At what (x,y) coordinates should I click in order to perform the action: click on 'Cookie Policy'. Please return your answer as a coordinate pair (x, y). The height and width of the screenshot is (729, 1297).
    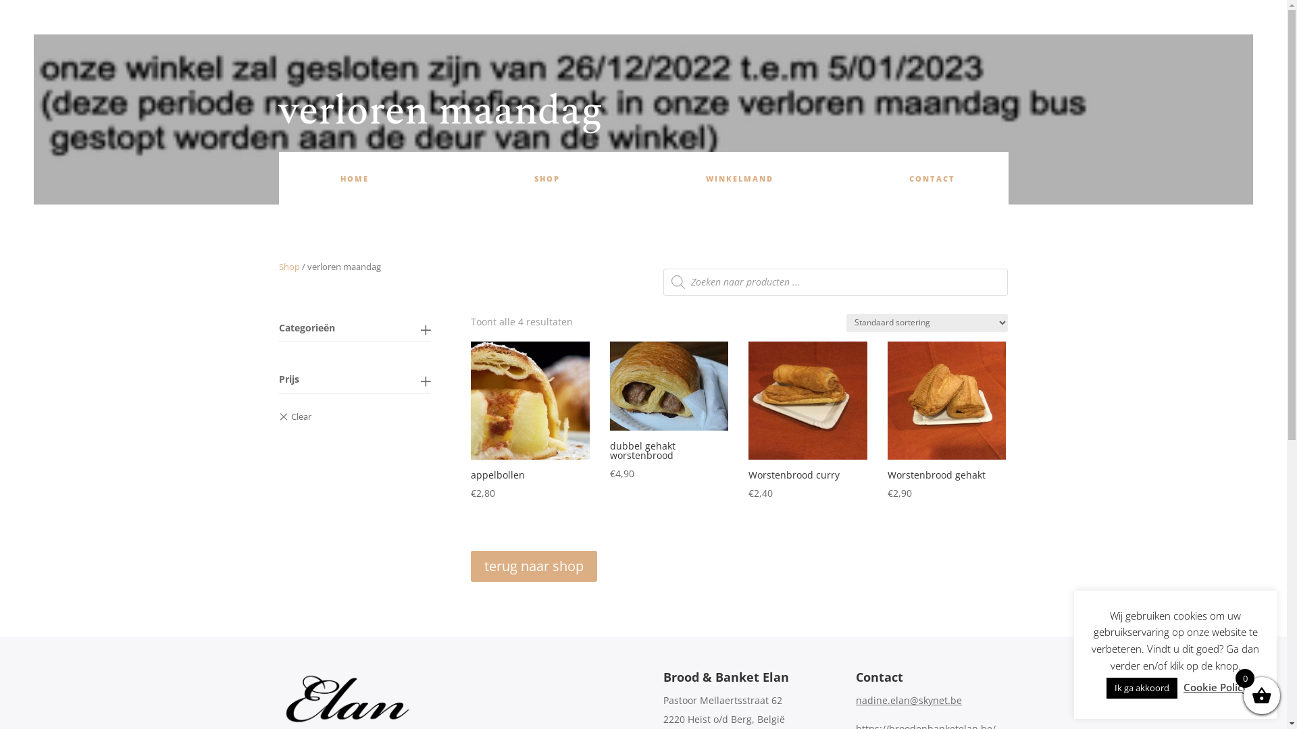
    Looking at the image, I should click on (1183, 687).